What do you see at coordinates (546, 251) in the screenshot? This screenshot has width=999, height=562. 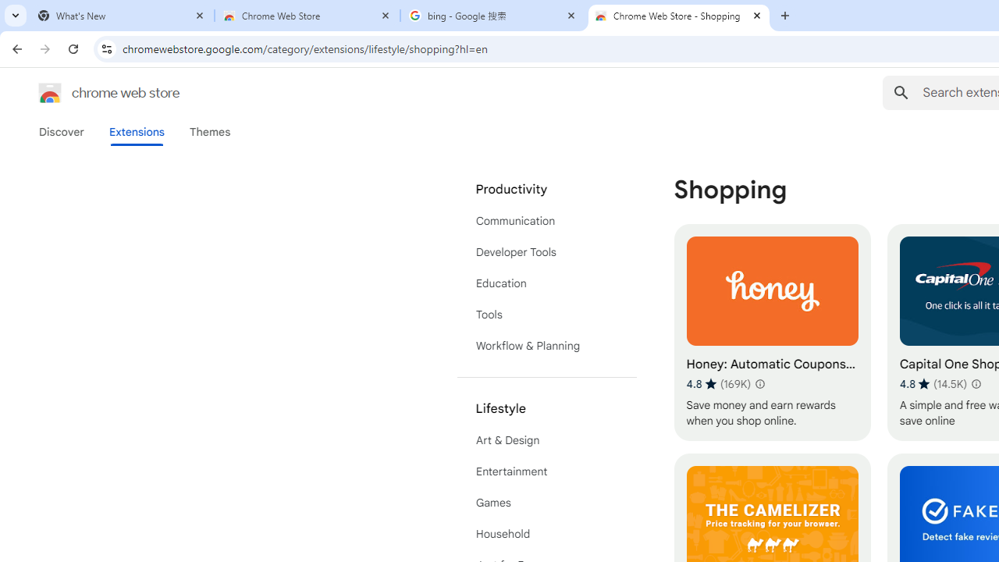 I see `'Developer Tools'` at bounding box center [546, 251].